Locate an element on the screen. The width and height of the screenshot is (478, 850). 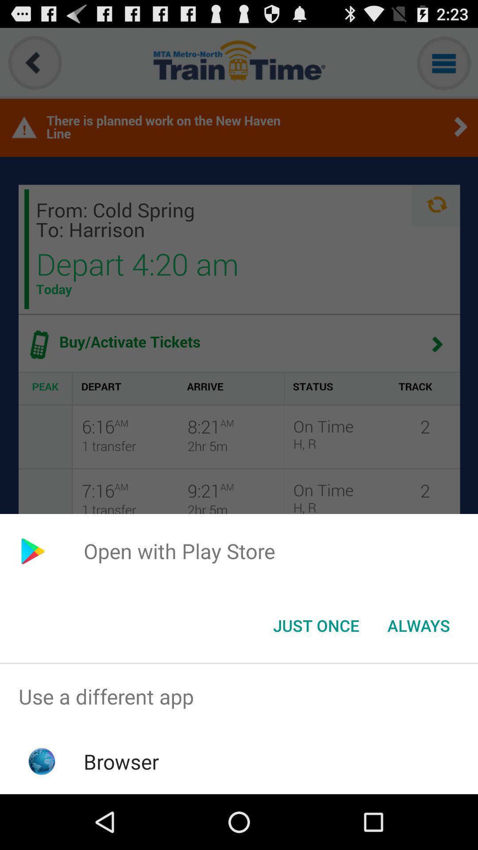
icon below open with play is located at coordinates (418, 625).